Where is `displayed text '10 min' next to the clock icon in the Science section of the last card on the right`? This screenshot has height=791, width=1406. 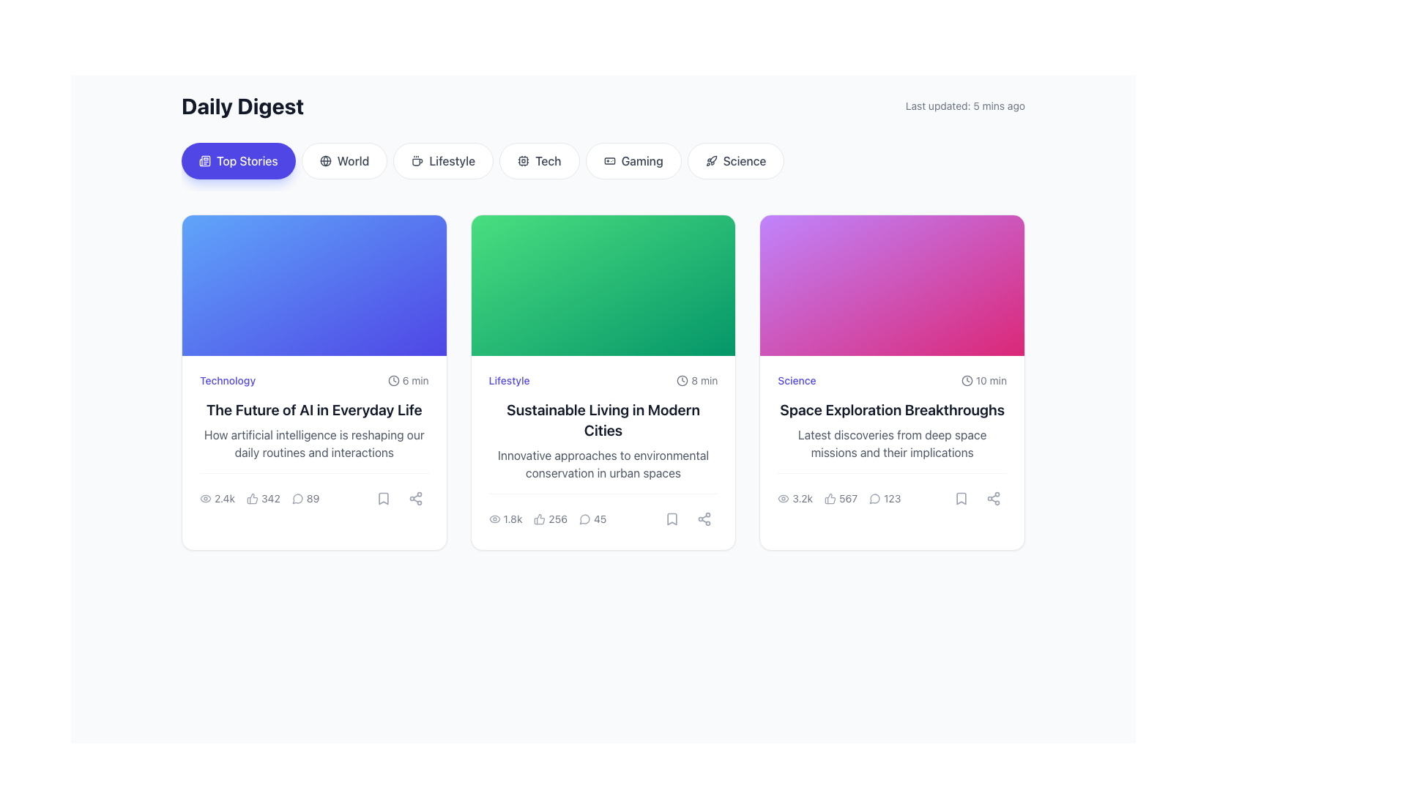
displayed text '10 min' next to the clock icon in the Science section of the last card on the right is located at coordinates (983, 380).